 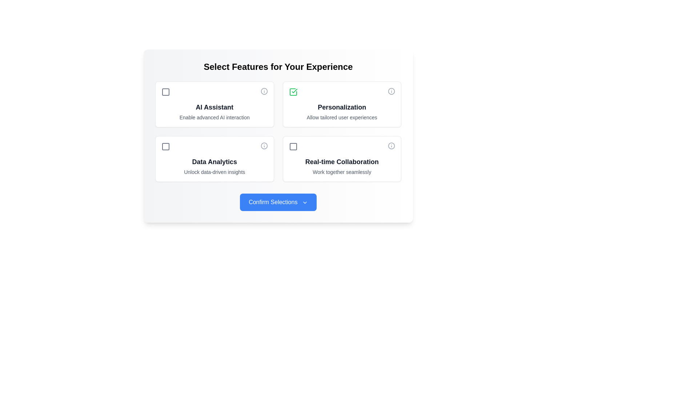 What do you see at coordinates (278, 202) in the screenshot?
I see `the confirm button located at the bottom center of the modal` at bounding box center [278, 202].